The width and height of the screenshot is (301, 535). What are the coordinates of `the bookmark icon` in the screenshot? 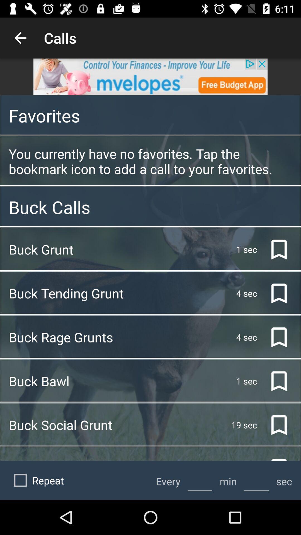 It's located at (274, 381).